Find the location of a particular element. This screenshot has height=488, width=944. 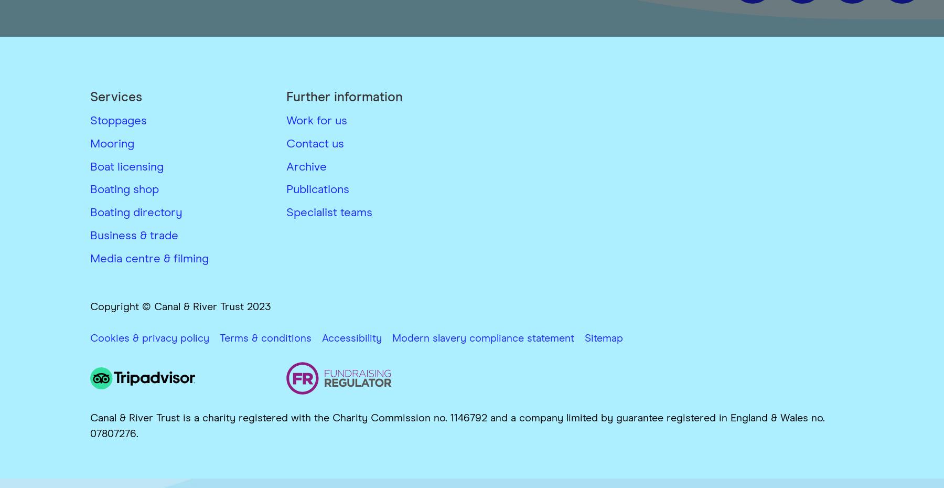

'Stoppages' is located at coordinates (118, 120).